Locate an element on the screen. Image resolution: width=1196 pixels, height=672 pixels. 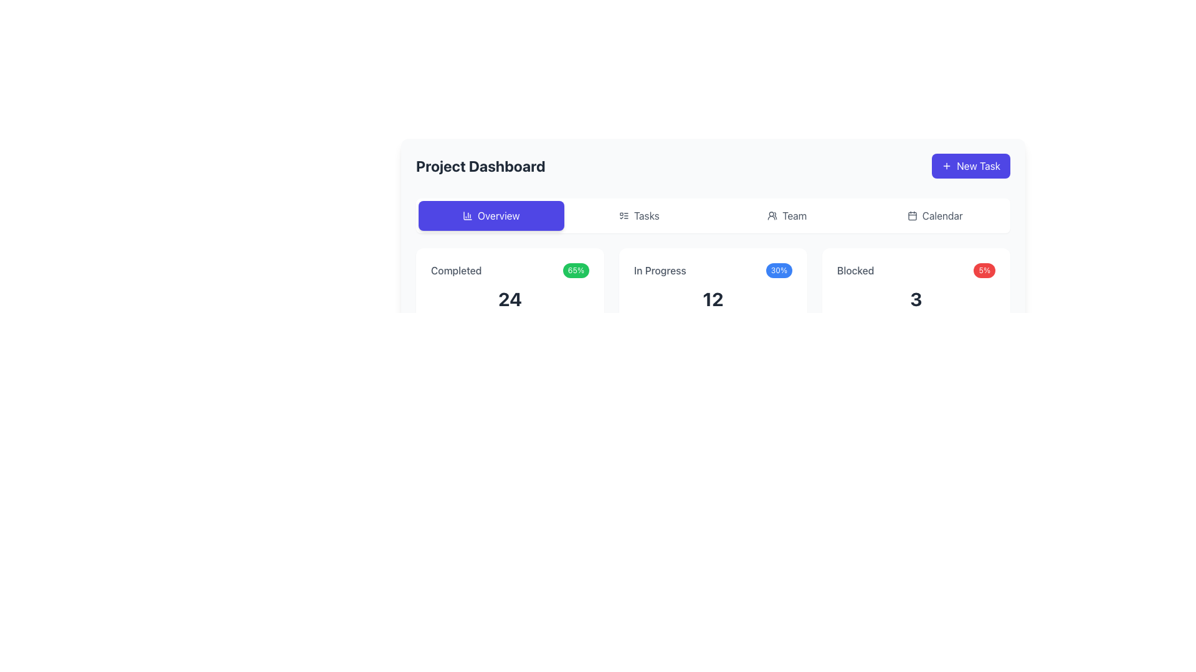
the informational badge that visually represents the 30% progress in the 'In Progress' section, located to the right of the numeric value '12' is located at coordinates (778, 270).